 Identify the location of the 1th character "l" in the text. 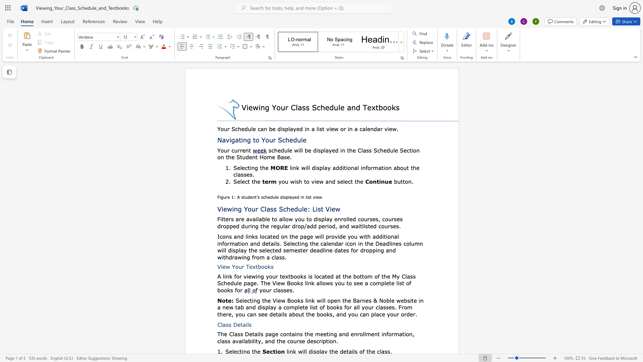
(237, 174).